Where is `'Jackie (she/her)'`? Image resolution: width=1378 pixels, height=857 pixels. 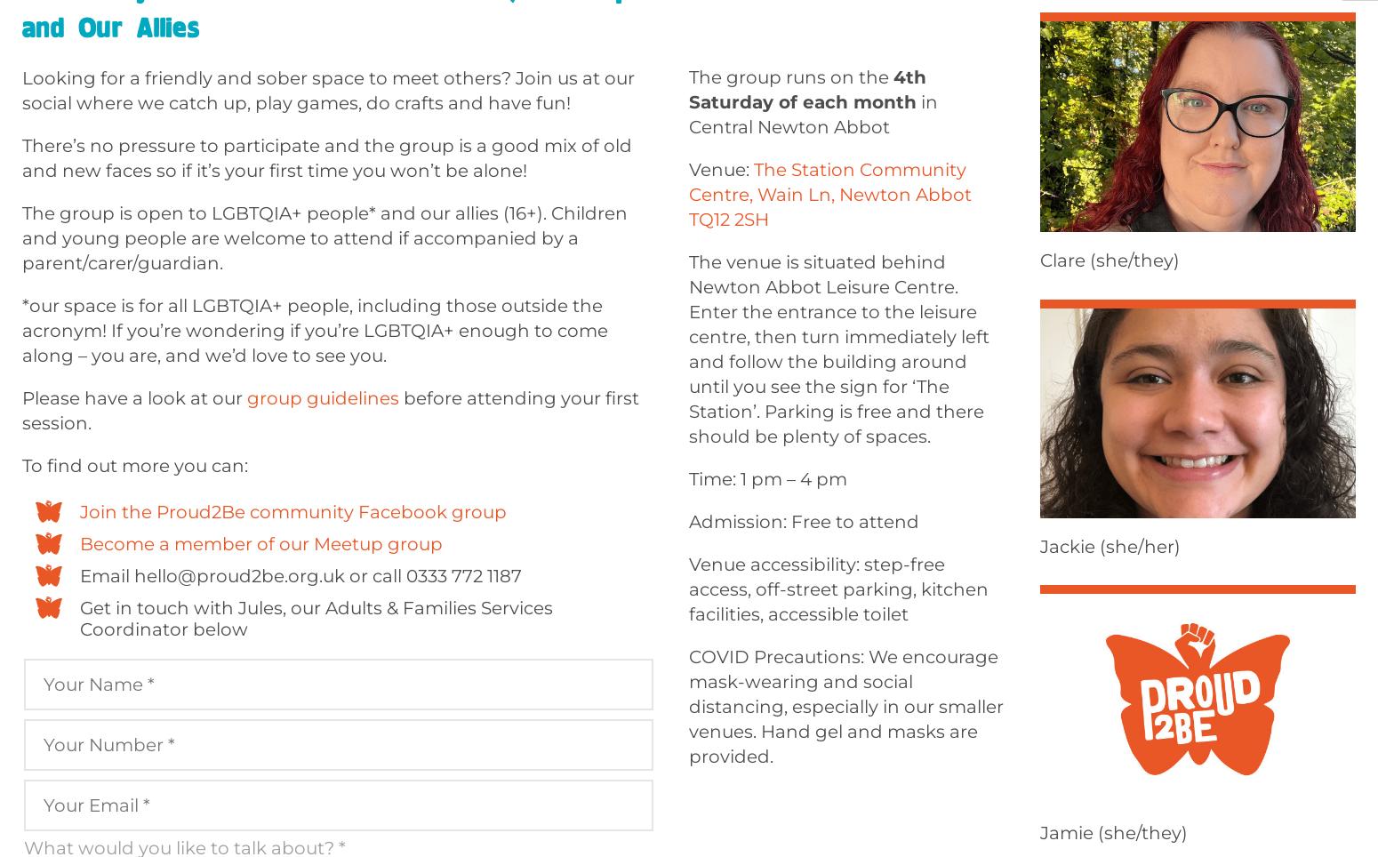 'Jackie (she/her)' is located at coordinates (1109, 547).